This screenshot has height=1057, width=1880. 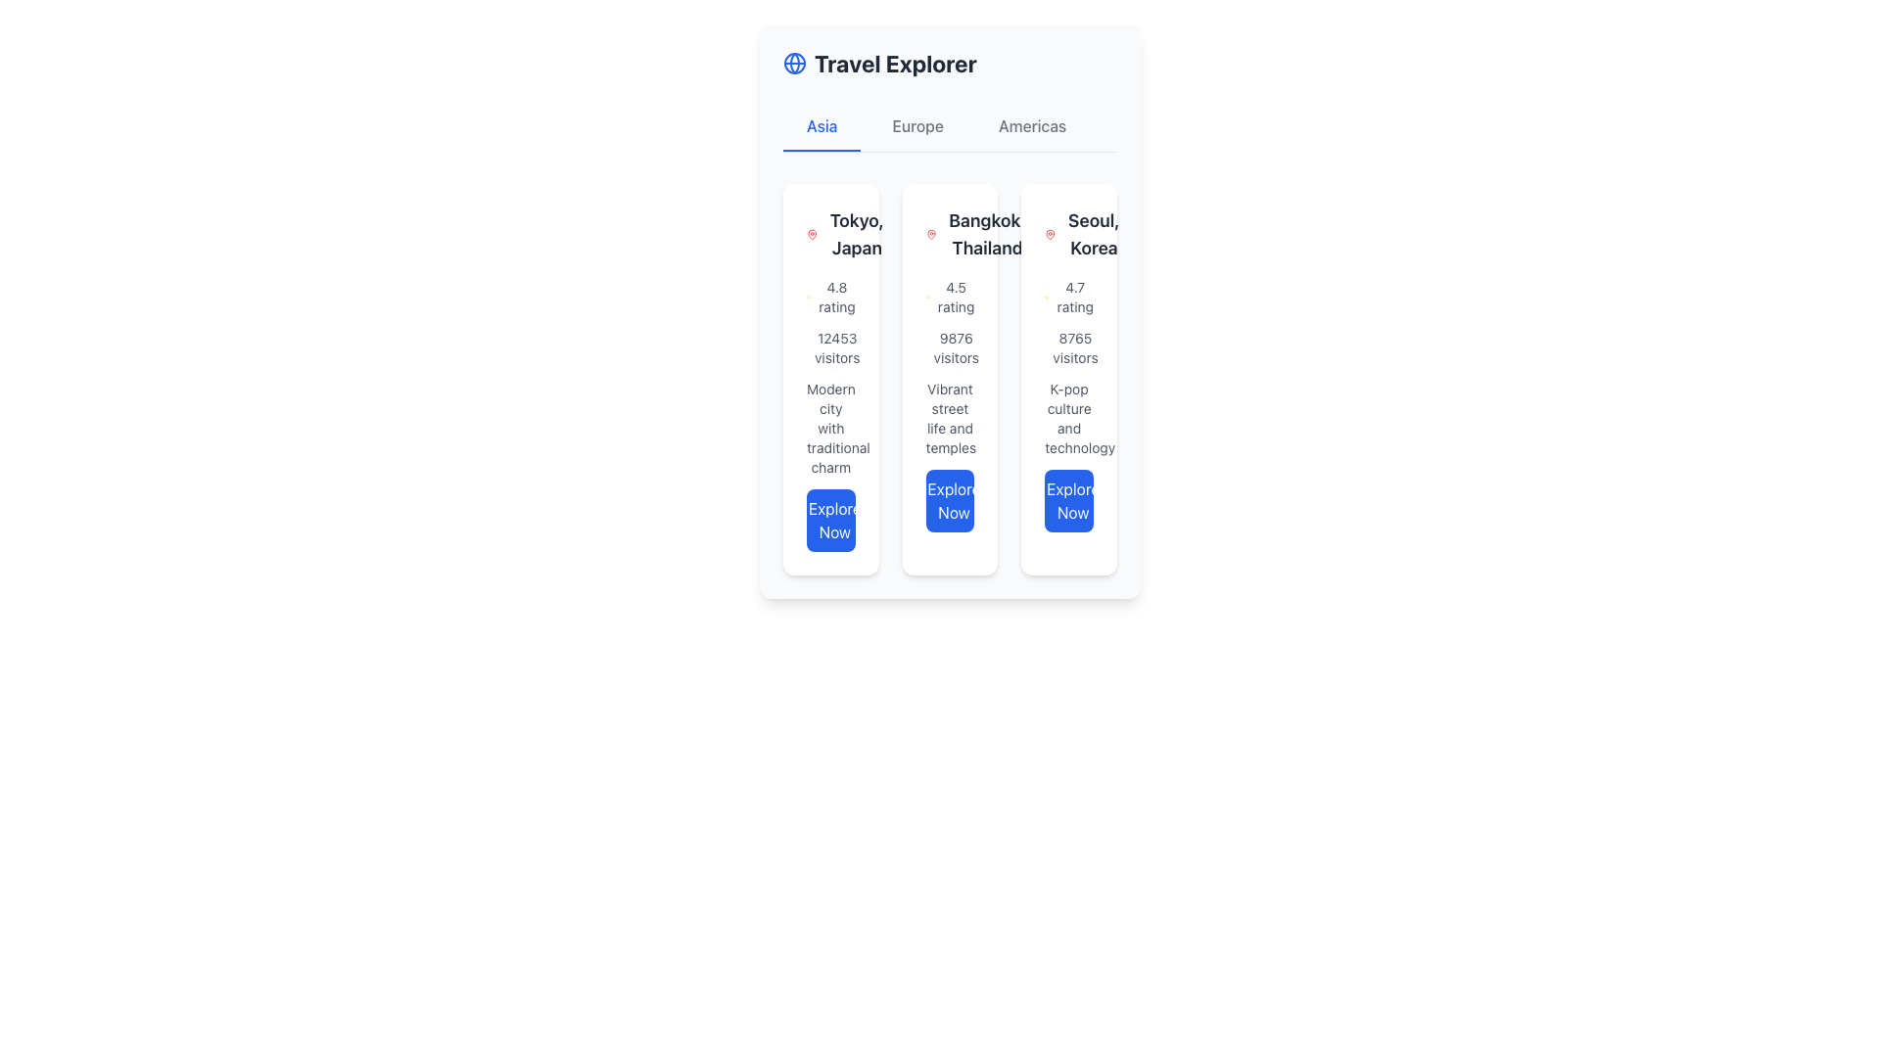 What do you see at coordinates (1093, 233) in the screenshot?
I see `text label displaying the location name 'Seoul, Korea' on the third card in the 'Asia' tab of the 'Travel Explorer' section, positioned below the red location marker icon` at bounding box center [1093, 233].